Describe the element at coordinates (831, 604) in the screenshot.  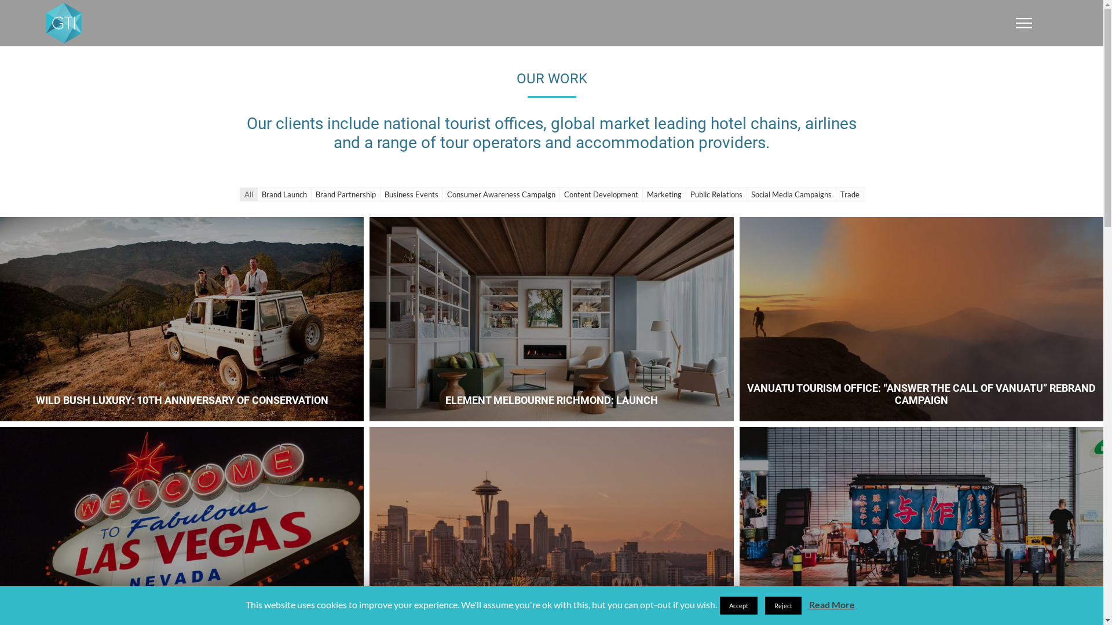
I see `'Read More'` at that location.